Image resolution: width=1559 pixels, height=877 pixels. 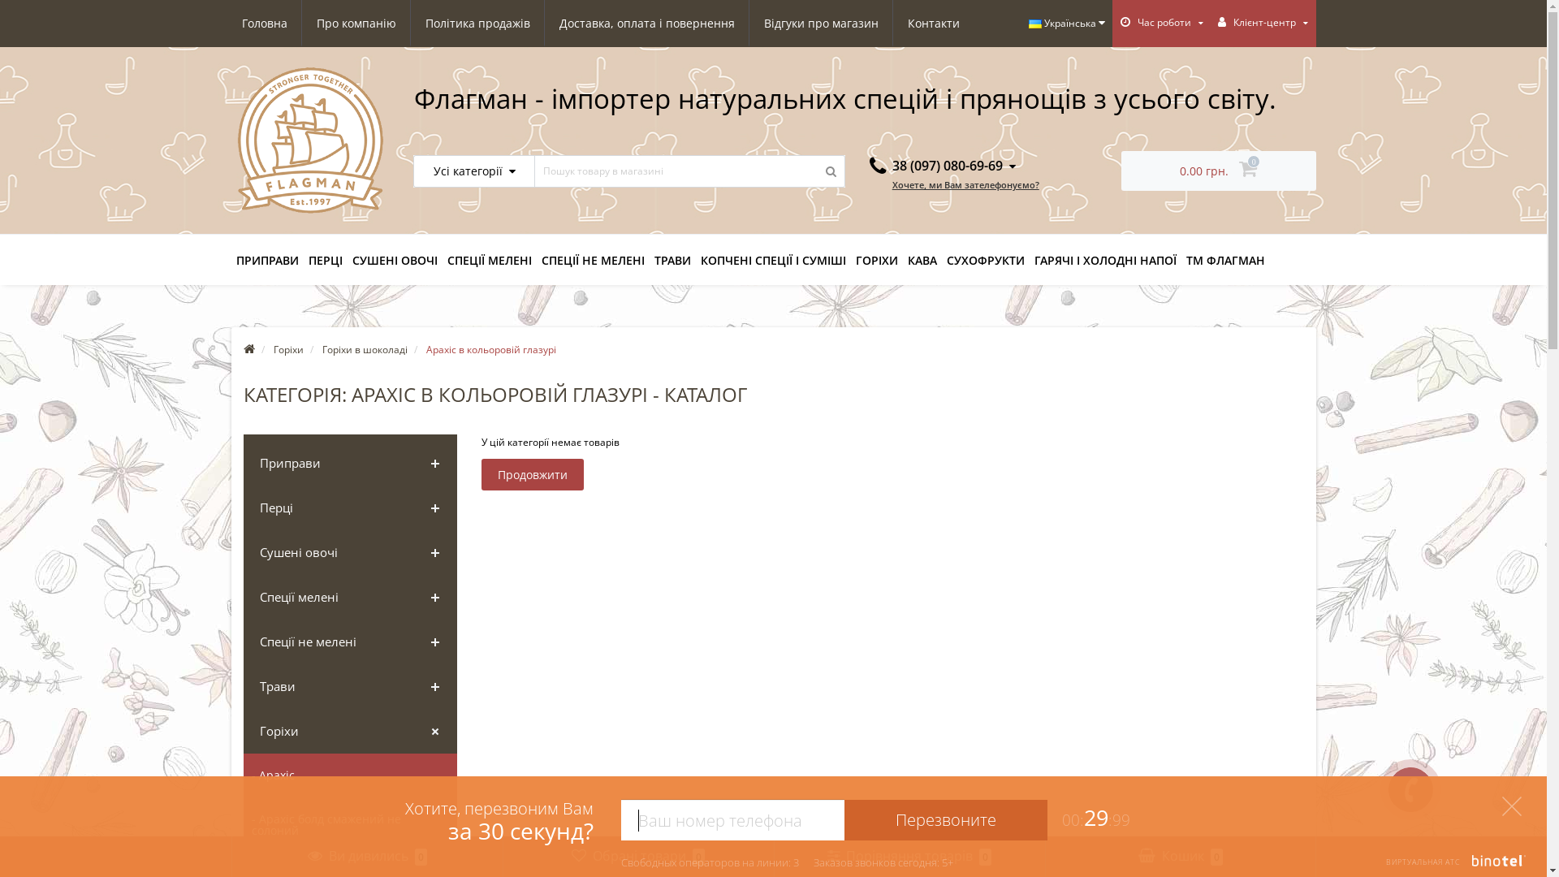 What do you see at coordinates (943, 166) in the screenshot?
I see `'38 (097) 080-69-69'` at bounding box center [943, 166].